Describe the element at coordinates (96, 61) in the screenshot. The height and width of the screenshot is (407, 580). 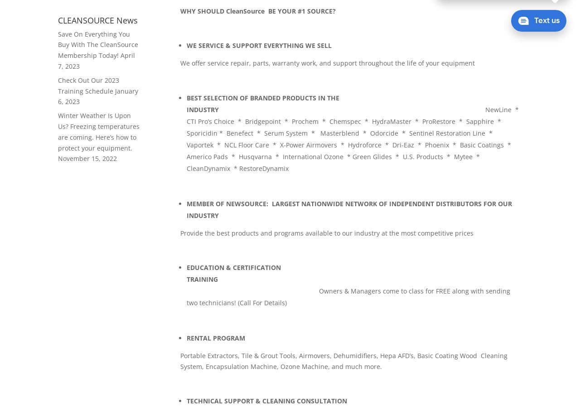
I see `'April 7, 2023'` at that location.